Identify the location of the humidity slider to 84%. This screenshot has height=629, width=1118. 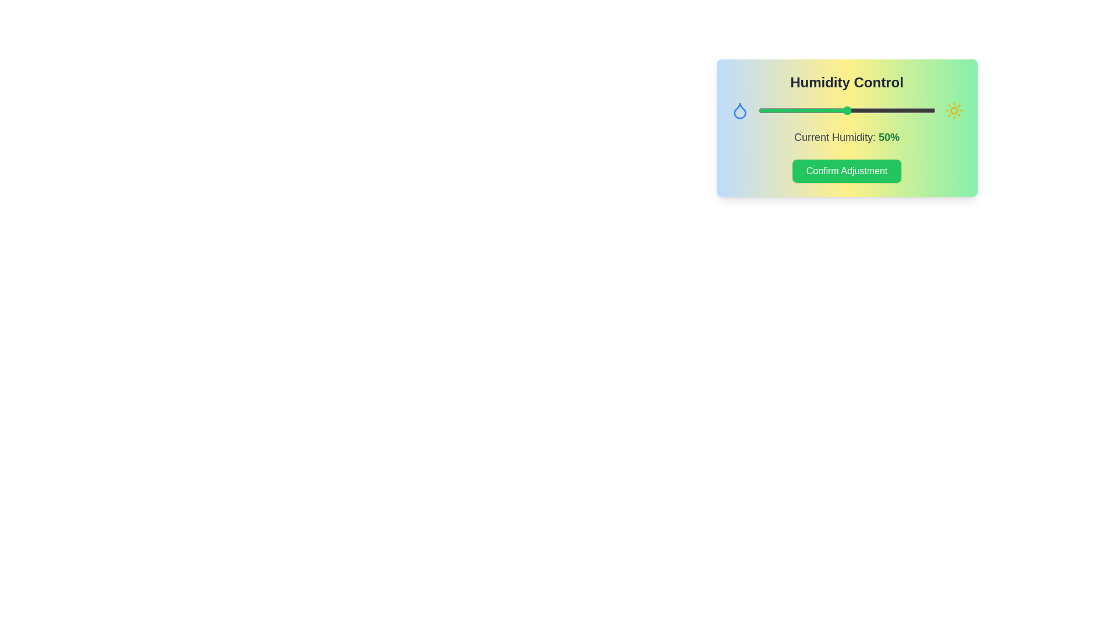
(906, 110).